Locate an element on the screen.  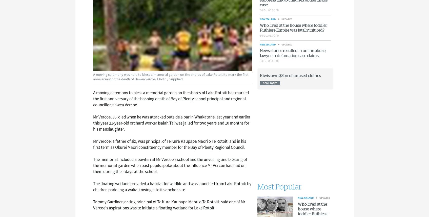
'A moving ceremony to bless a memorial garden on the shores of Lake Rotoiti has marked the first anniversary of the bashing death of Bay of Plenty school principal and regional councillor Hawea Vercoe.' is located at coordinates (171, 99).